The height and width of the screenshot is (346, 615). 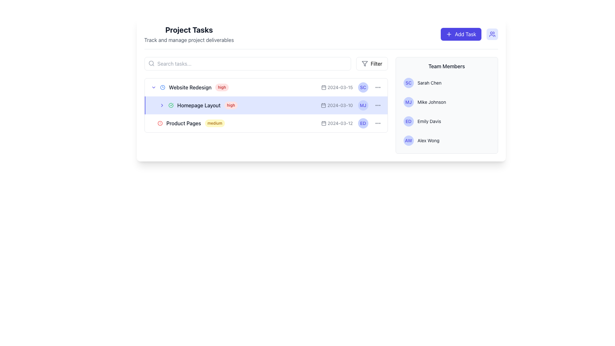 I want to click on text content of the circular badge displaying 'ED', which is the third badge in the team members section on the right panel, following 'SC' and 'MJ', so click(x=363, y=123).